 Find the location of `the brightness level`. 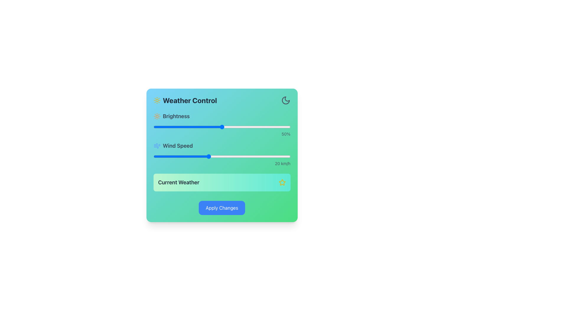

the brightness level is located at coordinates (227, 126).